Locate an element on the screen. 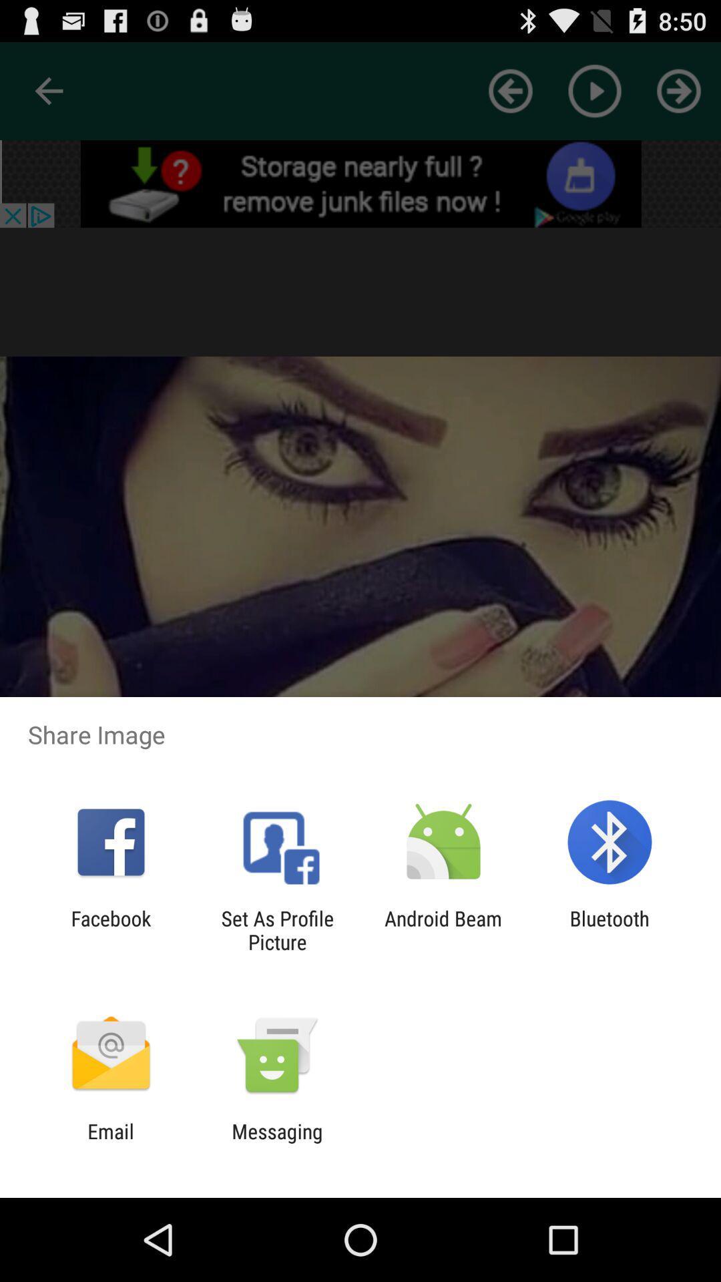  facebook is located at coordinates (110, 929).